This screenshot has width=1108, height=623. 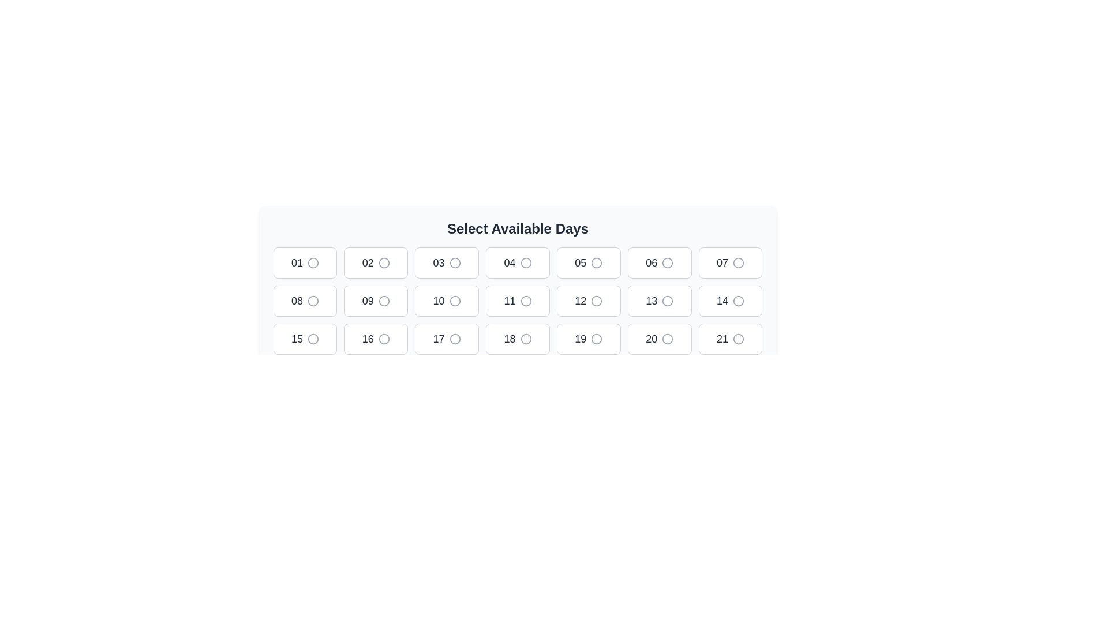 I want to click on the circular graphic element of the radio button labeled '02', so click(x=384, y=262).